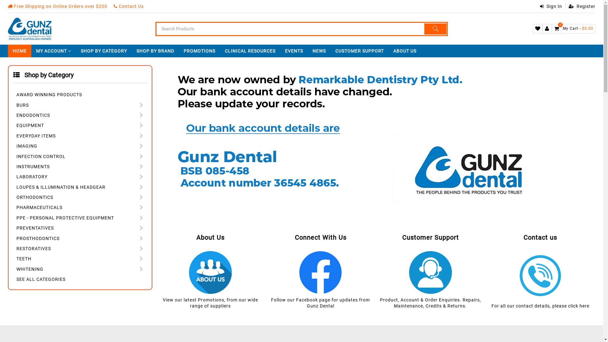 Image resolution: width=608 pixels, height=342 pixels. I want to click on 'PREVENTATIVES', so click(80, 227).